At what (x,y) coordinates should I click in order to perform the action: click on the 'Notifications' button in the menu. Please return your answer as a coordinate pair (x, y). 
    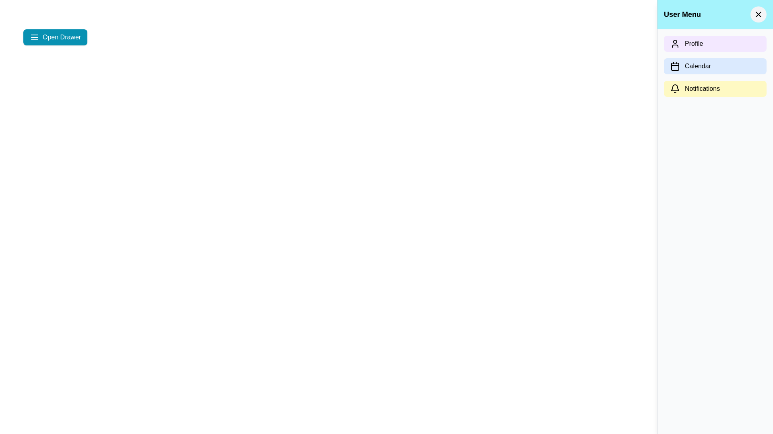
    Looking at the image, I should click on (715, 88).